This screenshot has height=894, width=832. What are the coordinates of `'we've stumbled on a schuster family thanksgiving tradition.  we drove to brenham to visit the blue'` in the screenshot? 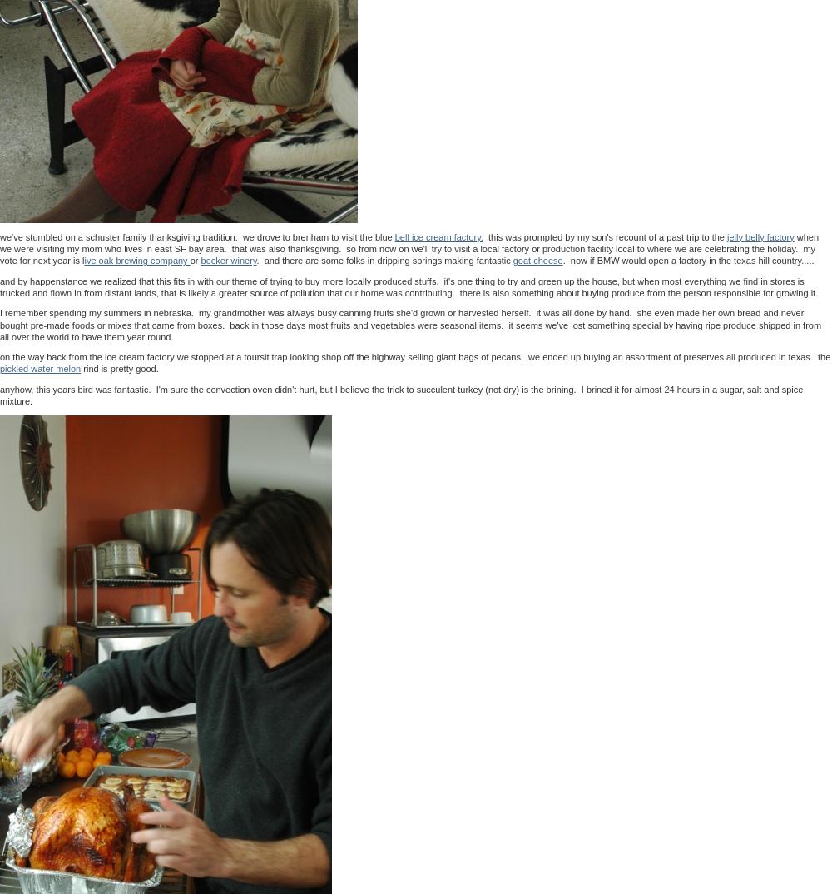 It's located at (196, 236).